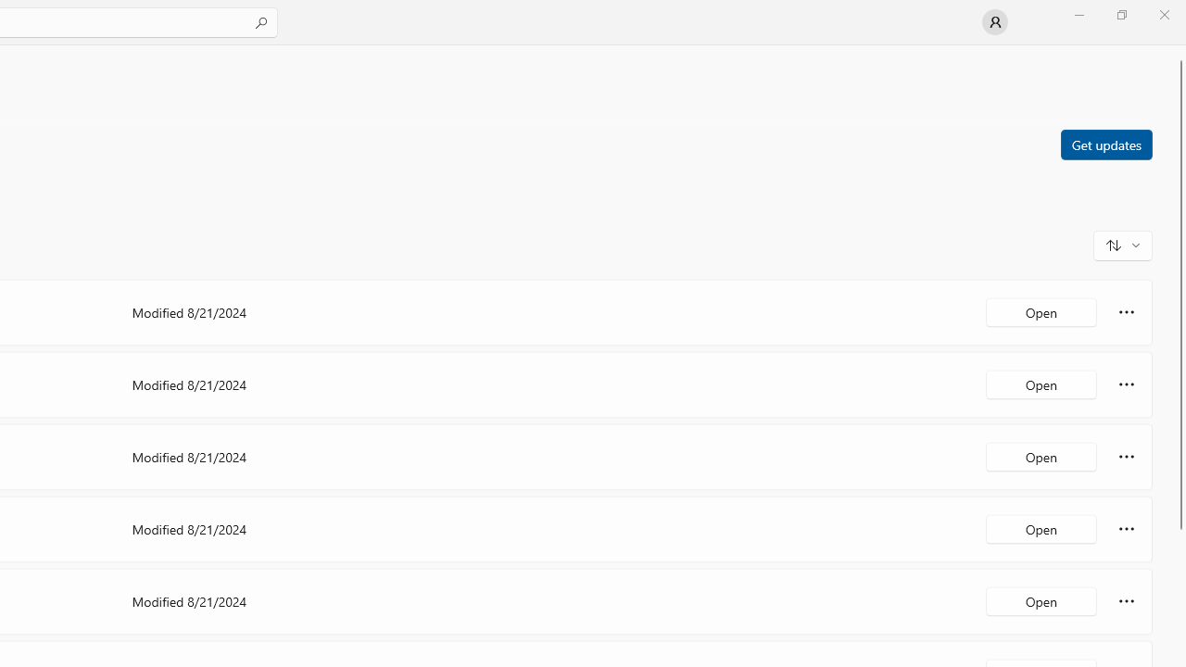 This screenshot has width=1186, height=667. Describe the element at coordinates (1079, 14) in the screenshot. I see `'Minimize Microsoft Store'` at that location.